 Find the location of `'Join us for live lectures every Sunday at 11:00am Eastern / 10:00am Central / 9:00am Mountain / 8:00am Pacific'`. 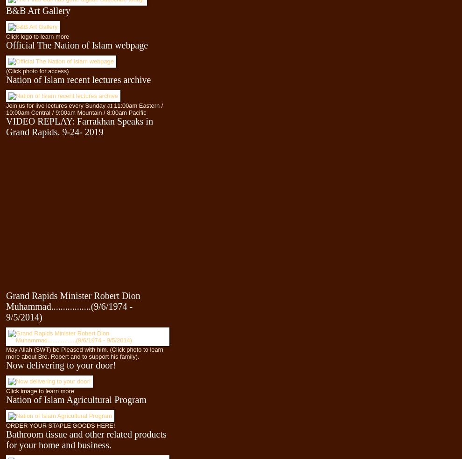

'Join us for live lectures every Sunday at 11:00am Eastern / 10:00am Central / 9:00am Mountain / 8:00am Pacific' is located at coordinates (84, 109).